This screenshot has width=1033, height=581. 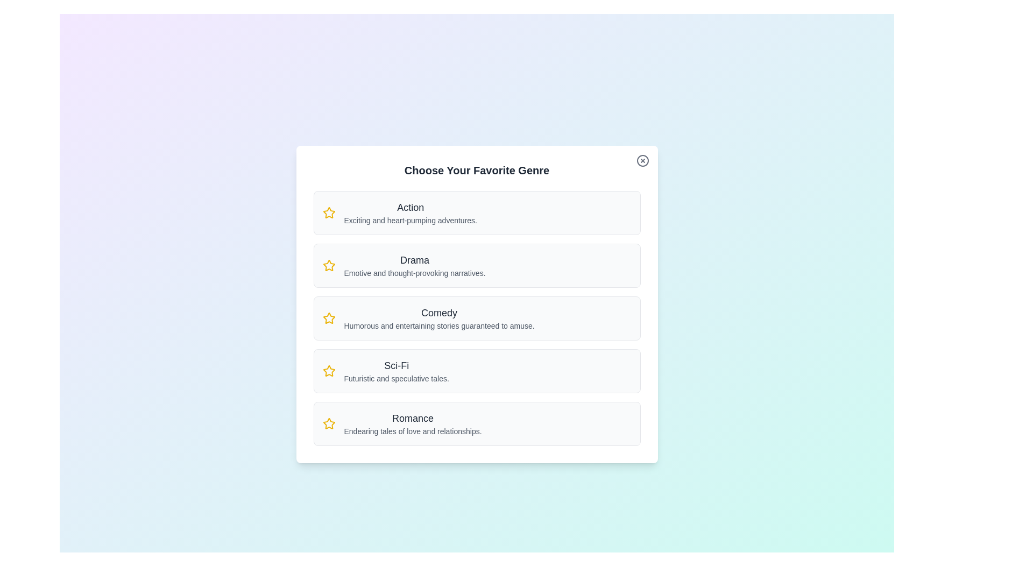 I want to click on the genre description for Action, so click(x=410, y=213).